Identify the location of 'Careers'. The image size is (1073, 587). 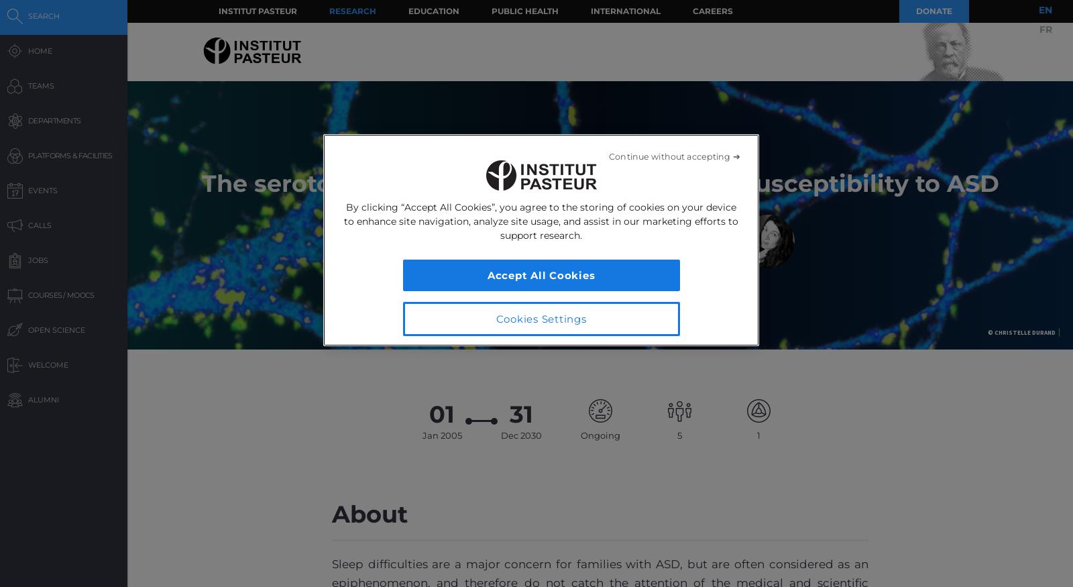
(713, 10).